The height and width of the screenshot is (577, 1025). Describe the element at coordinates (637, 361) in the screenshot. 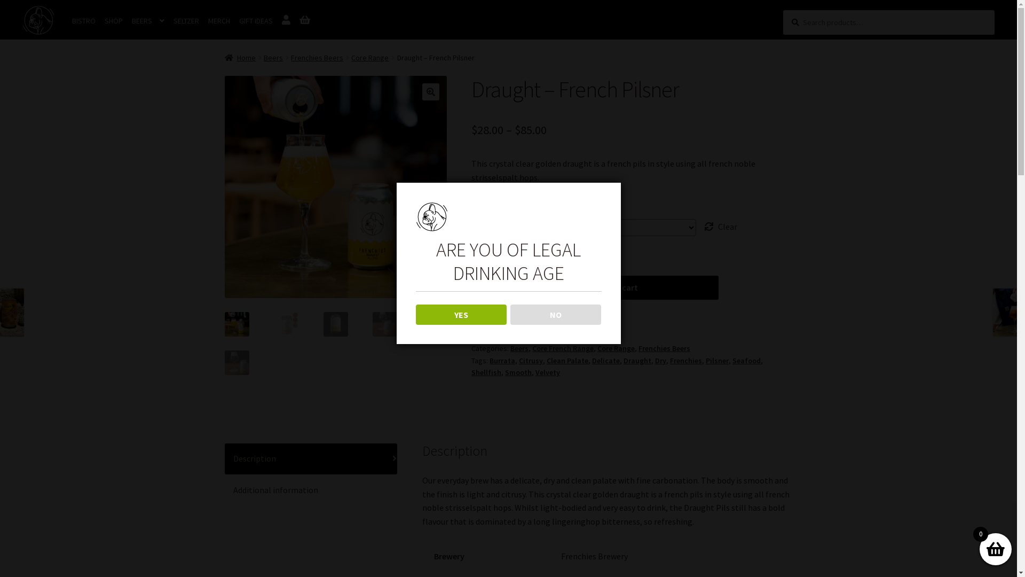

I see `'Draught'` at that location.